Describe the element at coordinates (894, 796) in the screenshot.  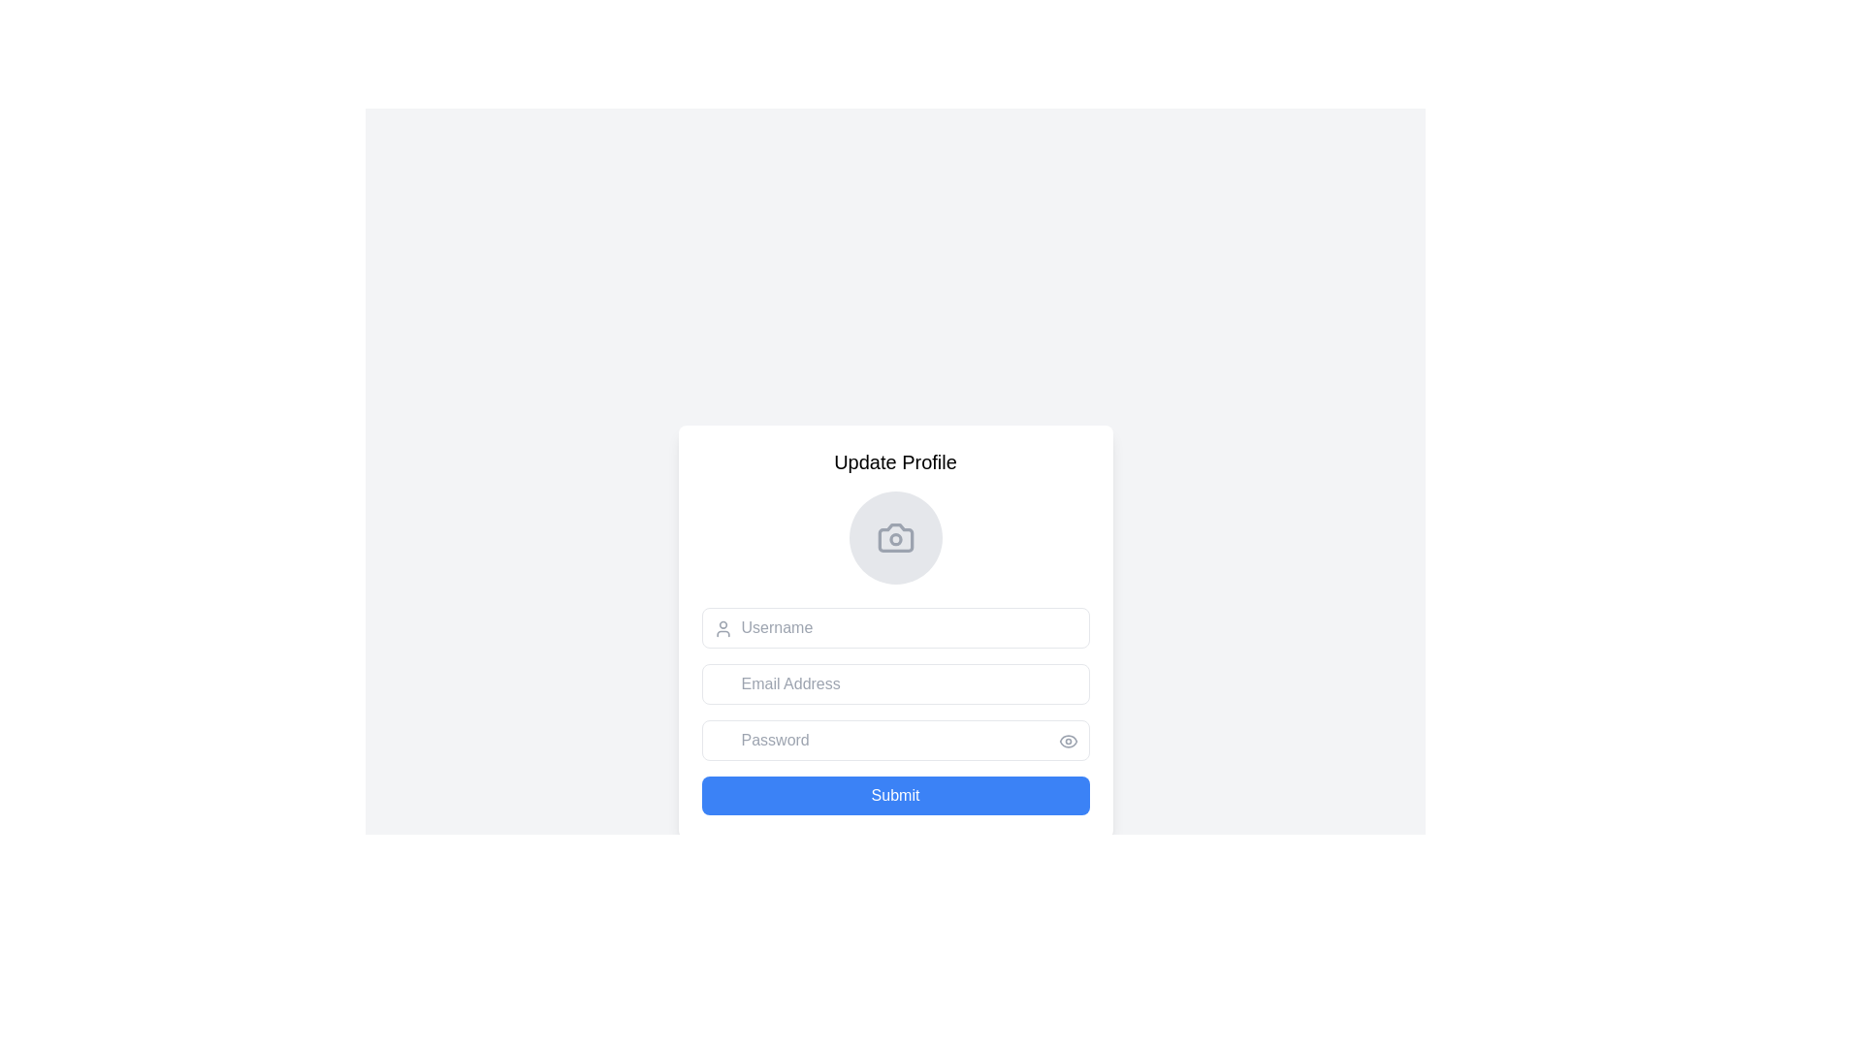
I see `the blue rectangular 'Submit' button with rounded corners located at the bottom of the 'Update Profile' panel to trigger its hover state` at that location.